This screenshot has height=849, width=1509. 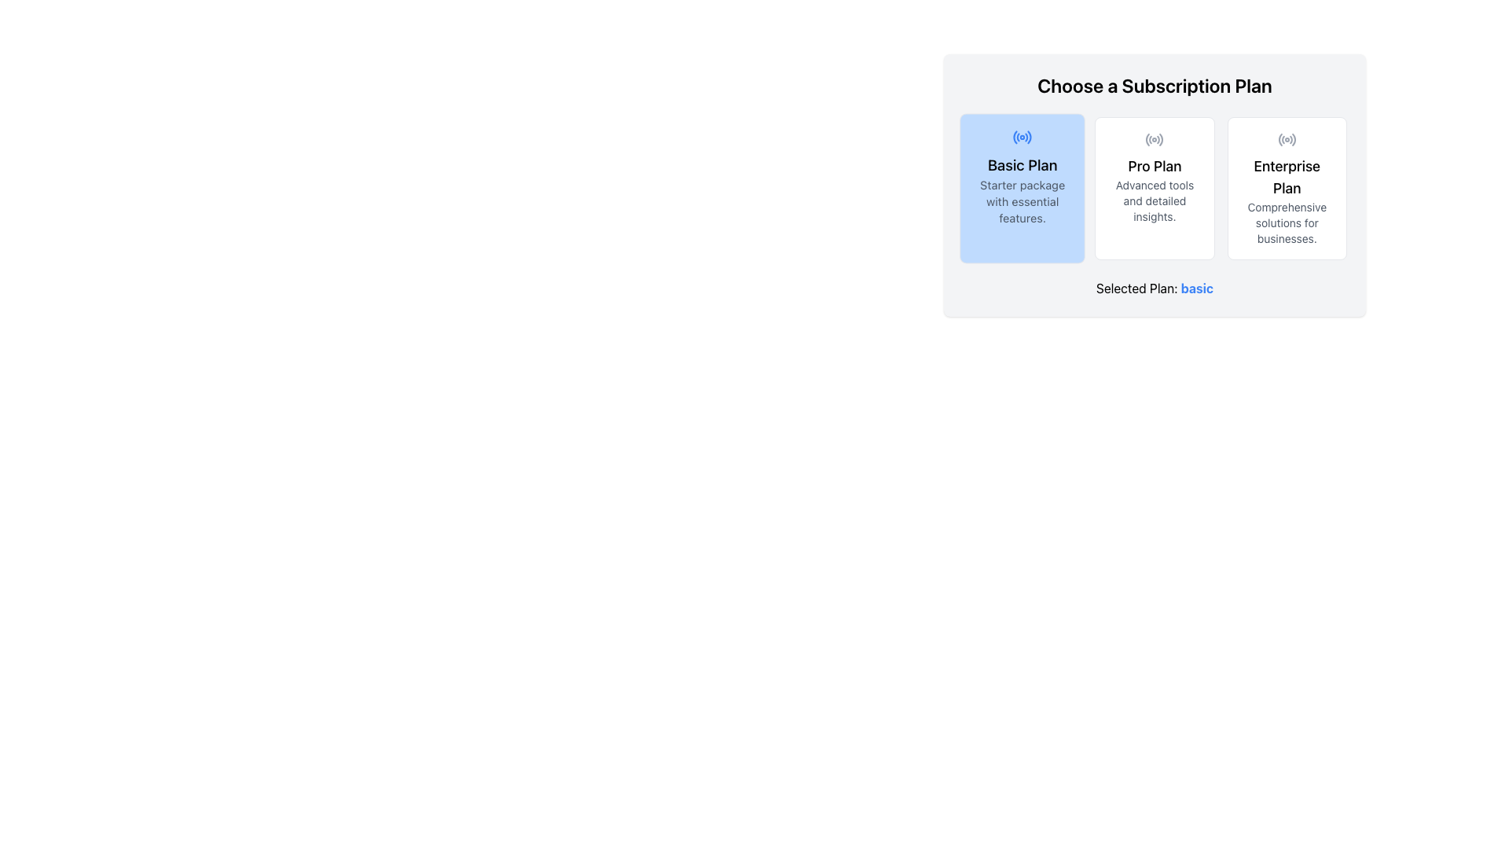 What do you see at coordinates (1196, 288) in the screenshot?
I see `the Static Text indicating the currently selected subscription plan, which displays 'basic' and is emphasized in color and bold styling` at bounding box center [1196, 288].